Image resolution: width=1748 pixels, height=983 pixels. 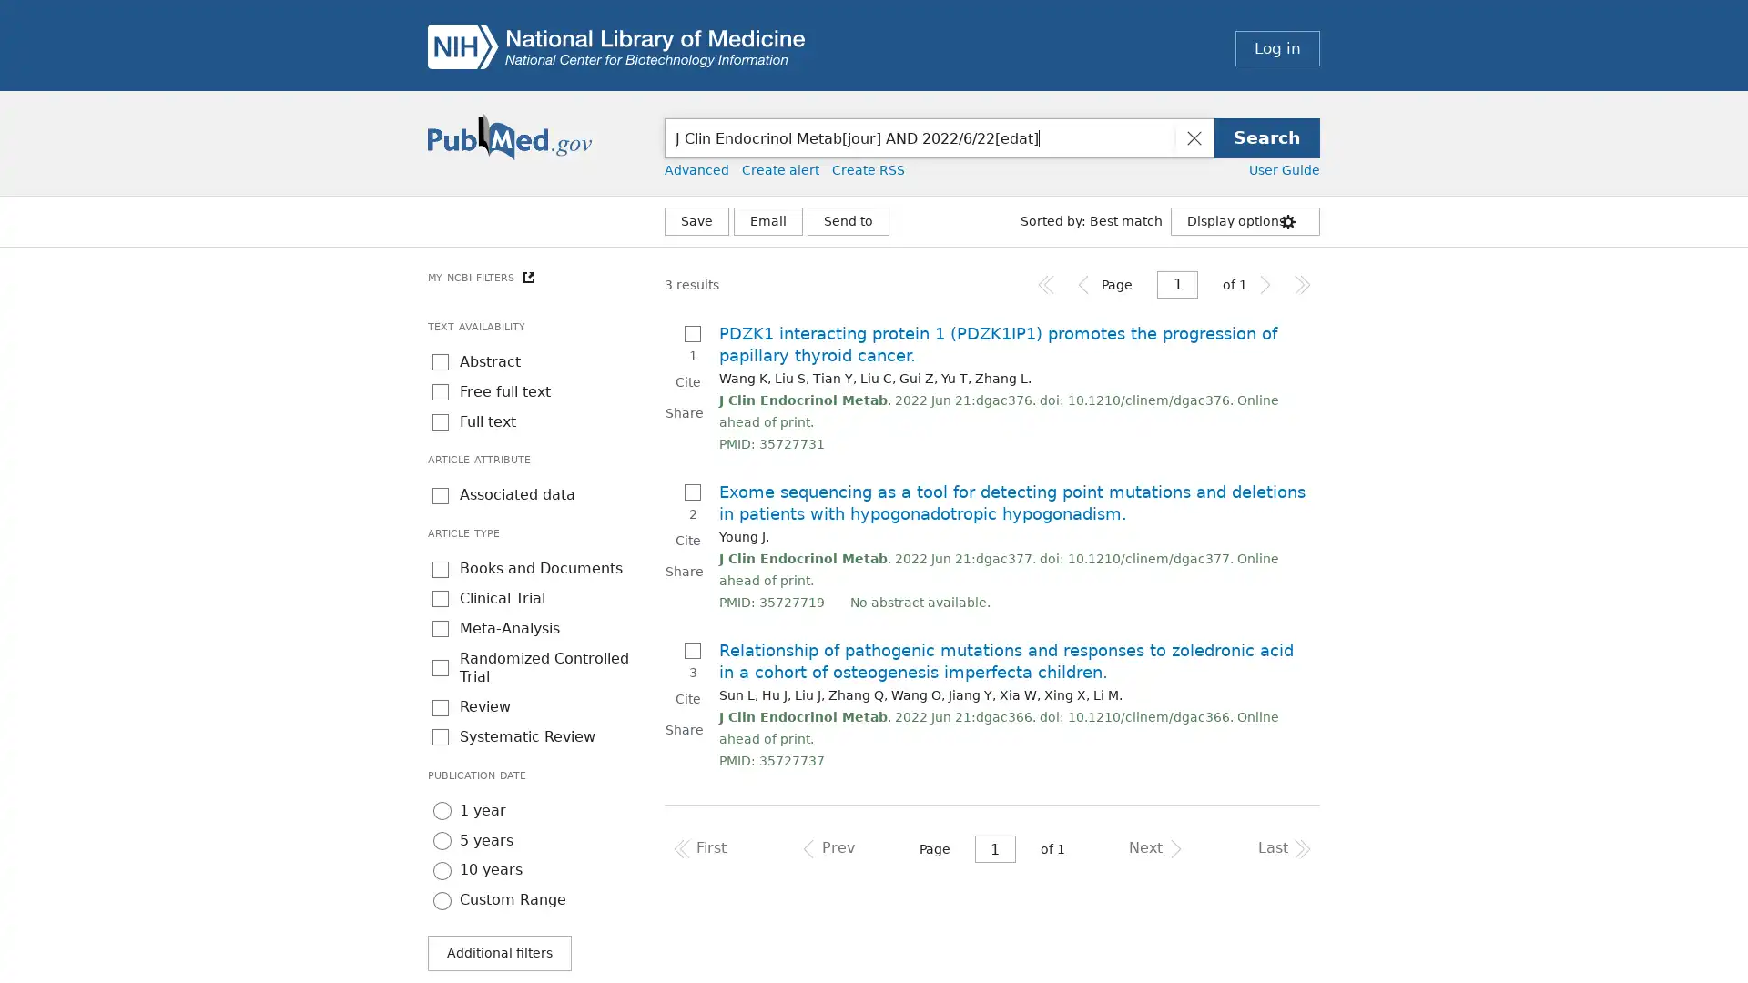 I want to click on Navigates to the previous page of results., so click(x=1083, y=284).